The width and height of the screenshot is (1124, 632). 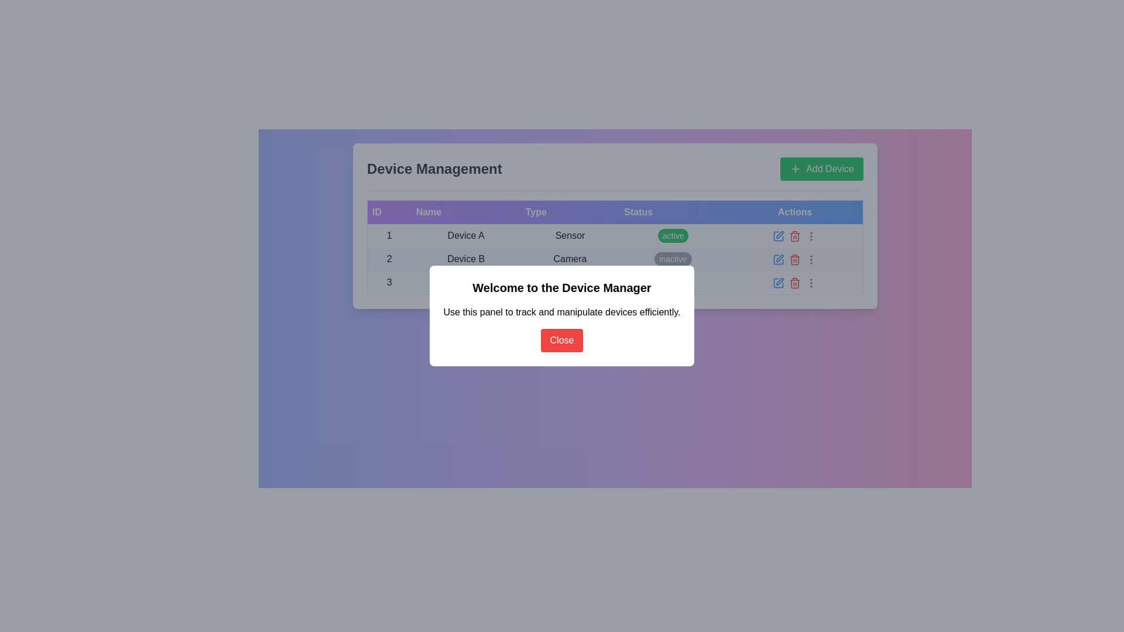 I want to click on the blue square icon button with a pen icon in the 'Actions' column for 'Device B' to potentially reveal additional information or a tooltip, so click(x=778, y=259).